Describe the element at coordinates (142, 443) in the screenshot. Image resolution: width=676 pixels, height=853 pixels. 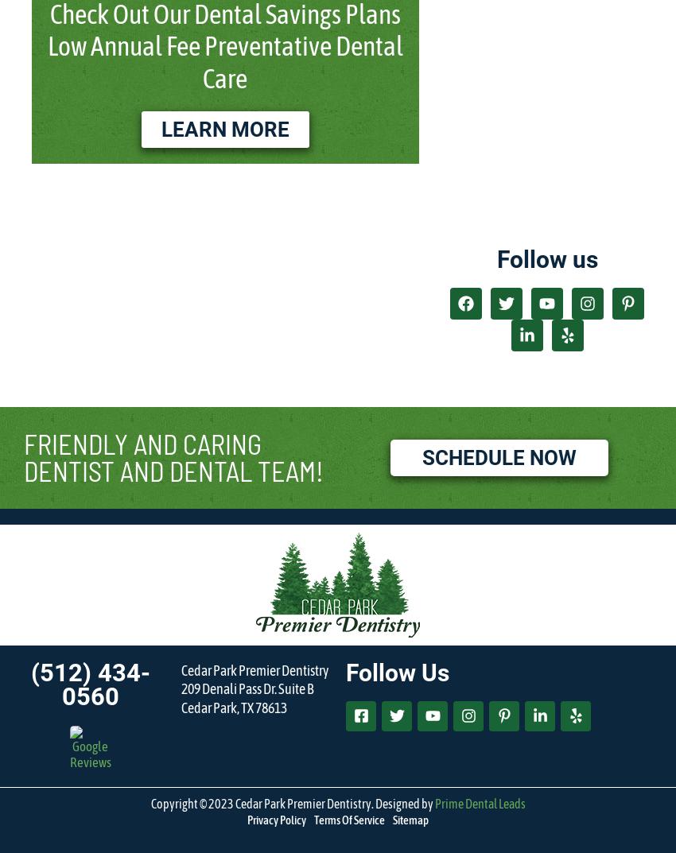
I see `'Friendly and caring'` at that location.